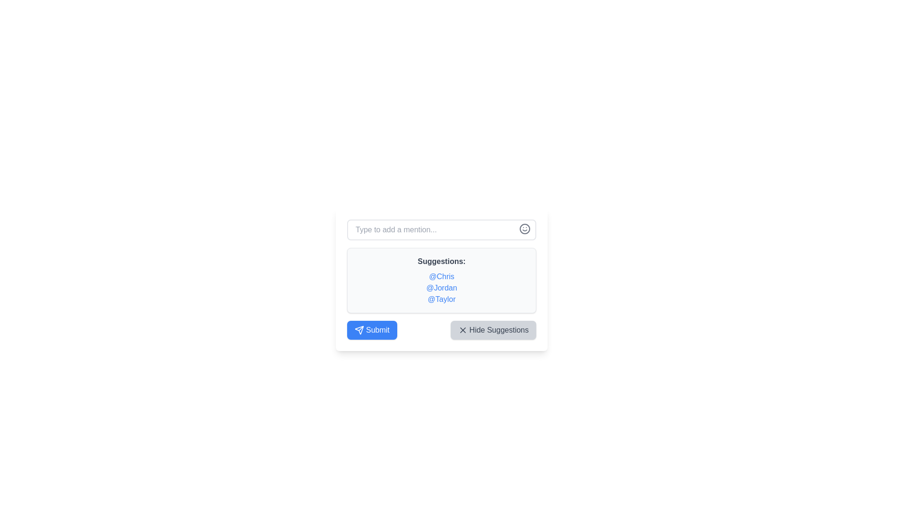 The width and height of the screenshot is (908, 511). Describe the element at coordinates (524, 229) in the screenshot. I see `the SVG circle graphic located in the upper-right corner of the suggestion interface box, which serves a decorative or symbolic function as part of an icon` at that location.